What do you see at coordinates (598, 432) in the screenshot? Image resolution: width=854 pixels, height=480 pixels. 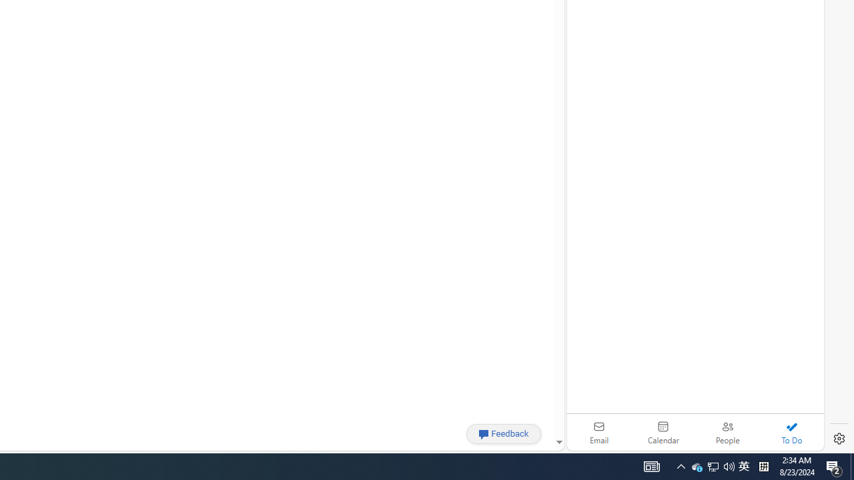 I see `'Email'` at bounding box center [598, 432].